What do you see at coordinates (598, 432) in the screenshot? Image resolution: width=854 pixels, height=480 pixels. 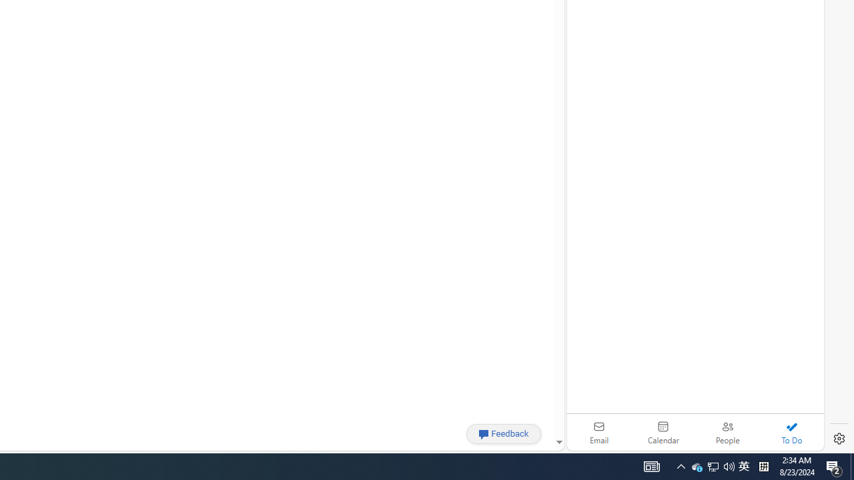 I see `'Email'` at bounding box center [598, 432].